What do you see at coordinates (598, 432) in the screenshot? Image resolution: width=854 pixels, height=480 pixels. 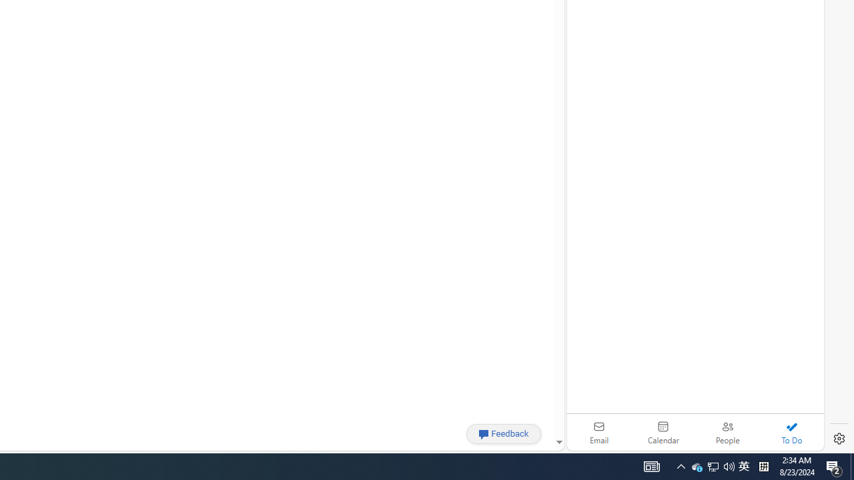 I see `'Email'` at bounding box center [598, 432].